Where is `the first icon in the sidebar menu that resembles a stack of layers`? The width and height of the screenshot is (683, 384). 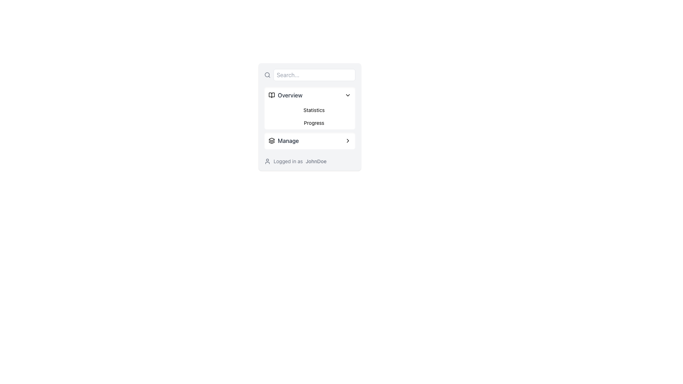
the first icon in the sidebar menu that resembles a stack of layers is located at coordinates (271, 141).